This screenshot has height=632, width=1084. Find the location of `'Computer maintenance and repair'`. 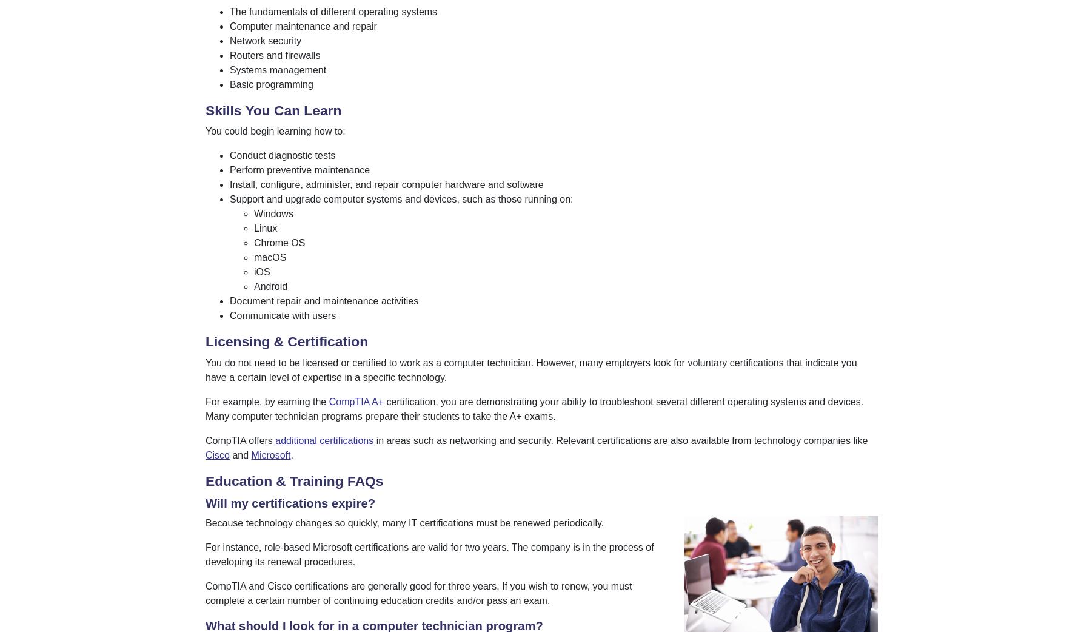

'Computer maintenance and repair' is located at coordinates (303, 25).